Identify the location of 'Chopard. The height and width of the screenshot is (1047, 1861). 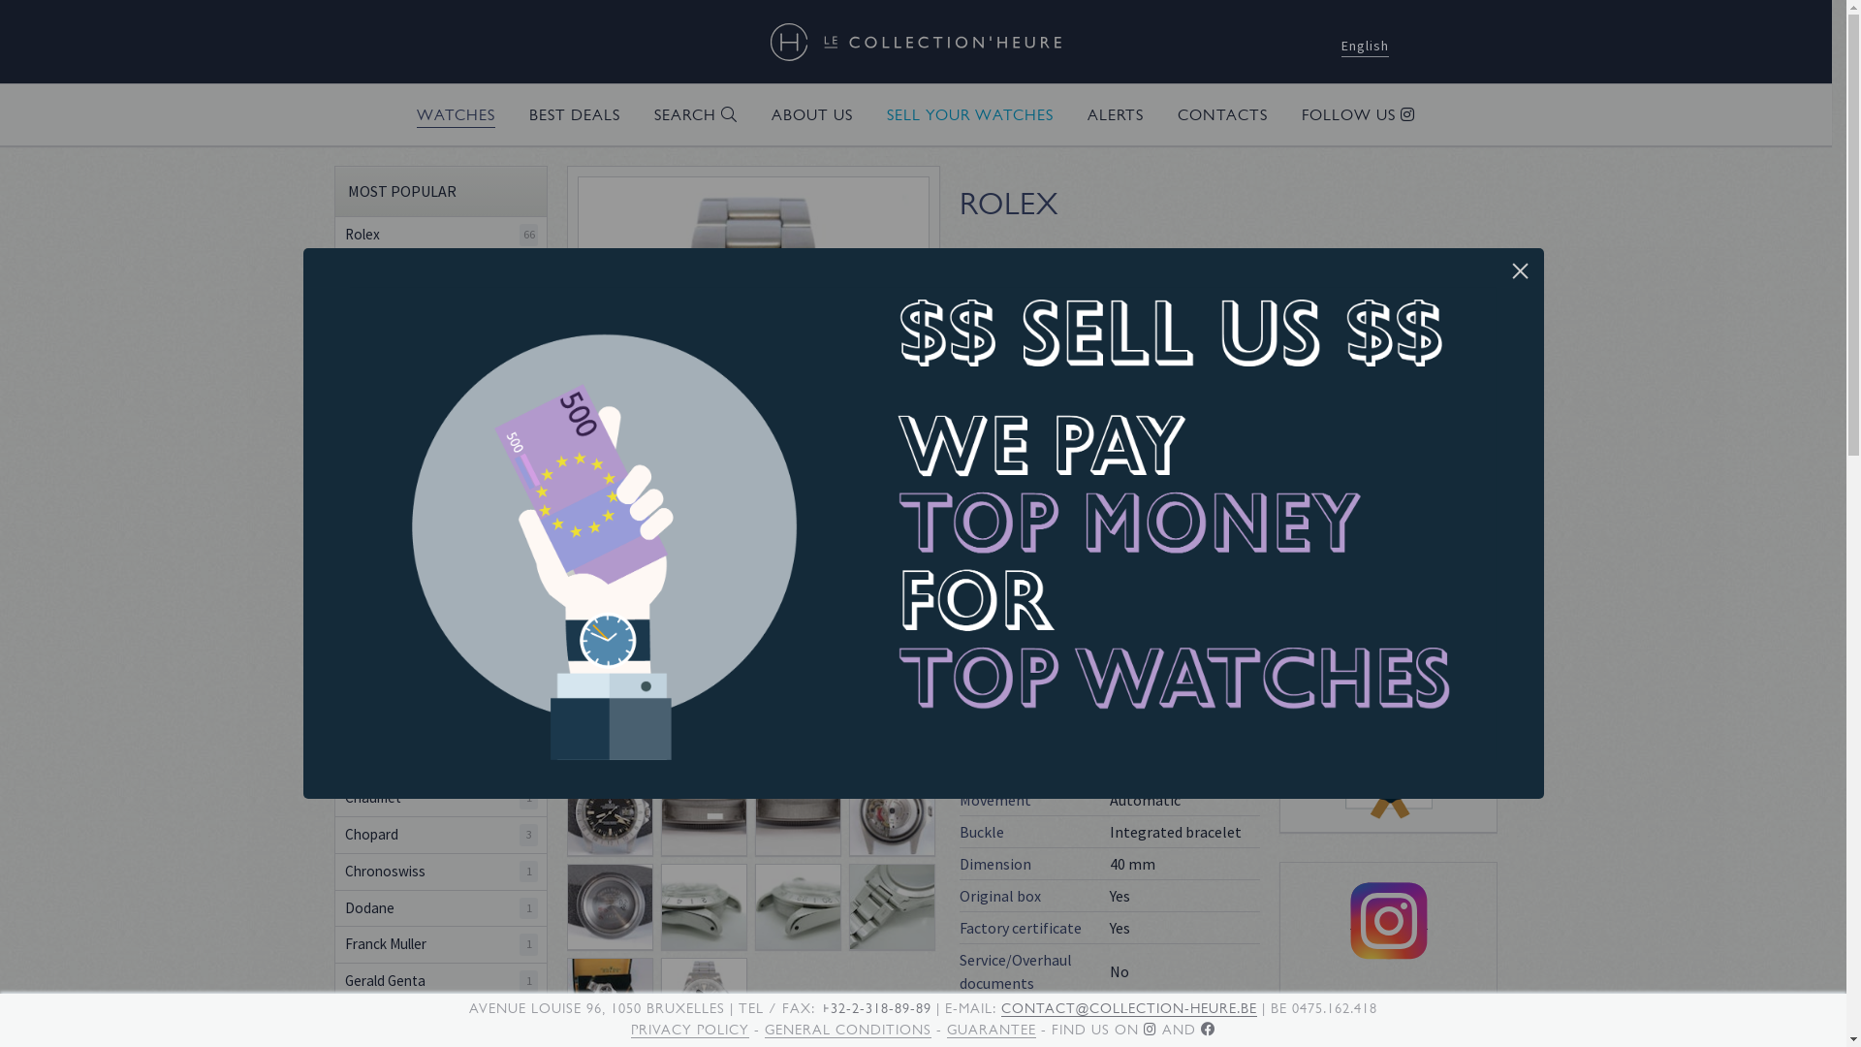
(440, 834).